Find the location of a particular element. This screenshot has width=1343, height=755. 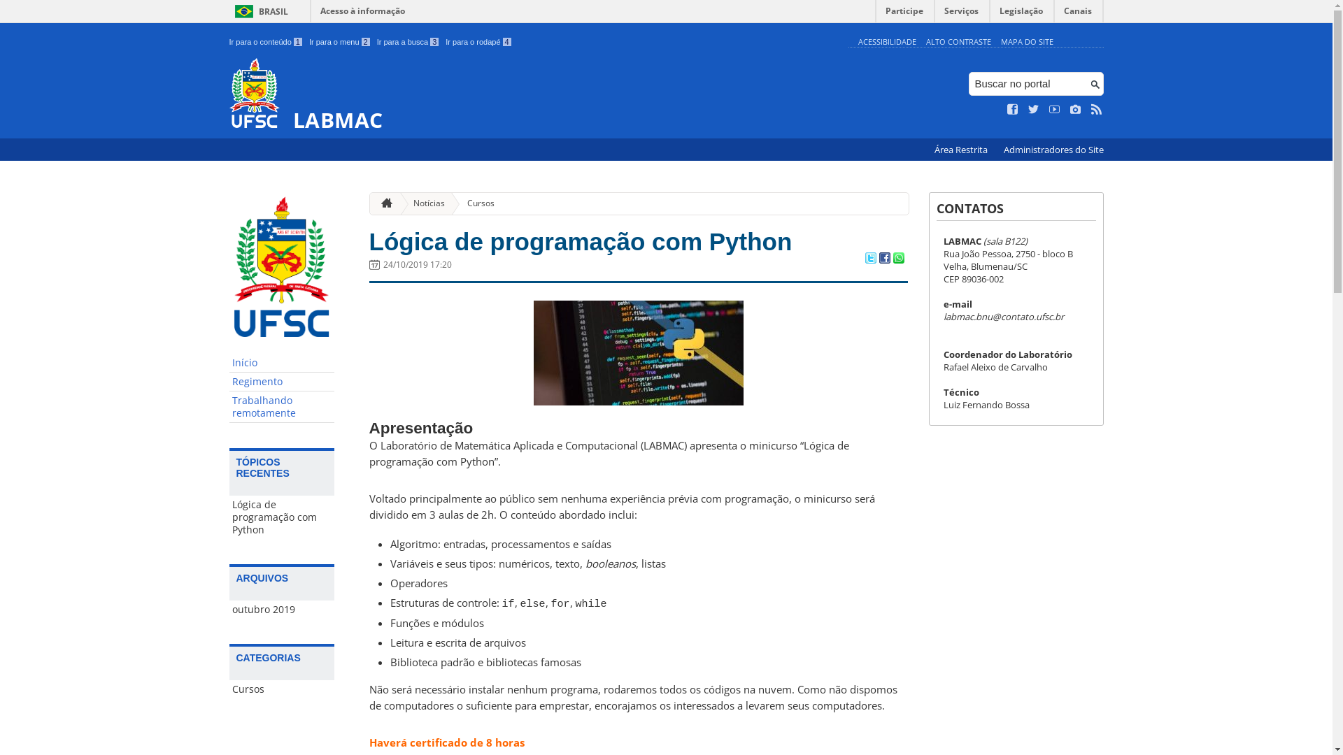

'ACESSIBILIDADE' is located at coordinates (886, 41).